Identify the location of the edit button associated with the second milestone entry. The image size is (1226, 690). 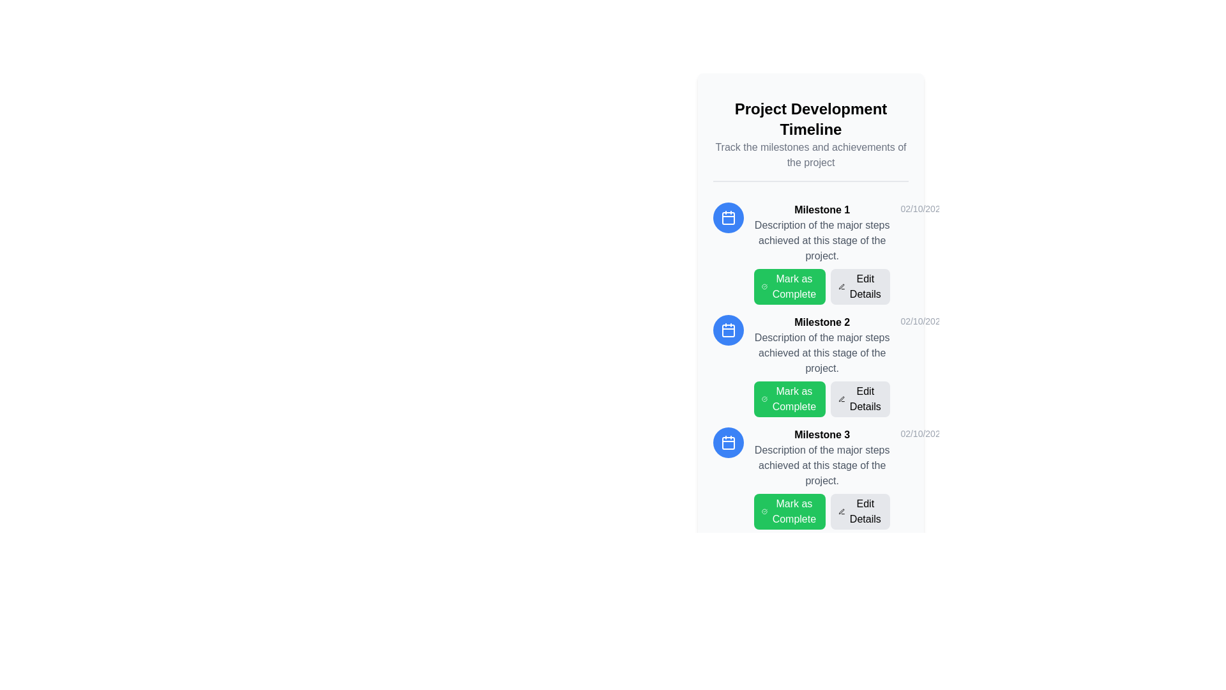
(861, 398).